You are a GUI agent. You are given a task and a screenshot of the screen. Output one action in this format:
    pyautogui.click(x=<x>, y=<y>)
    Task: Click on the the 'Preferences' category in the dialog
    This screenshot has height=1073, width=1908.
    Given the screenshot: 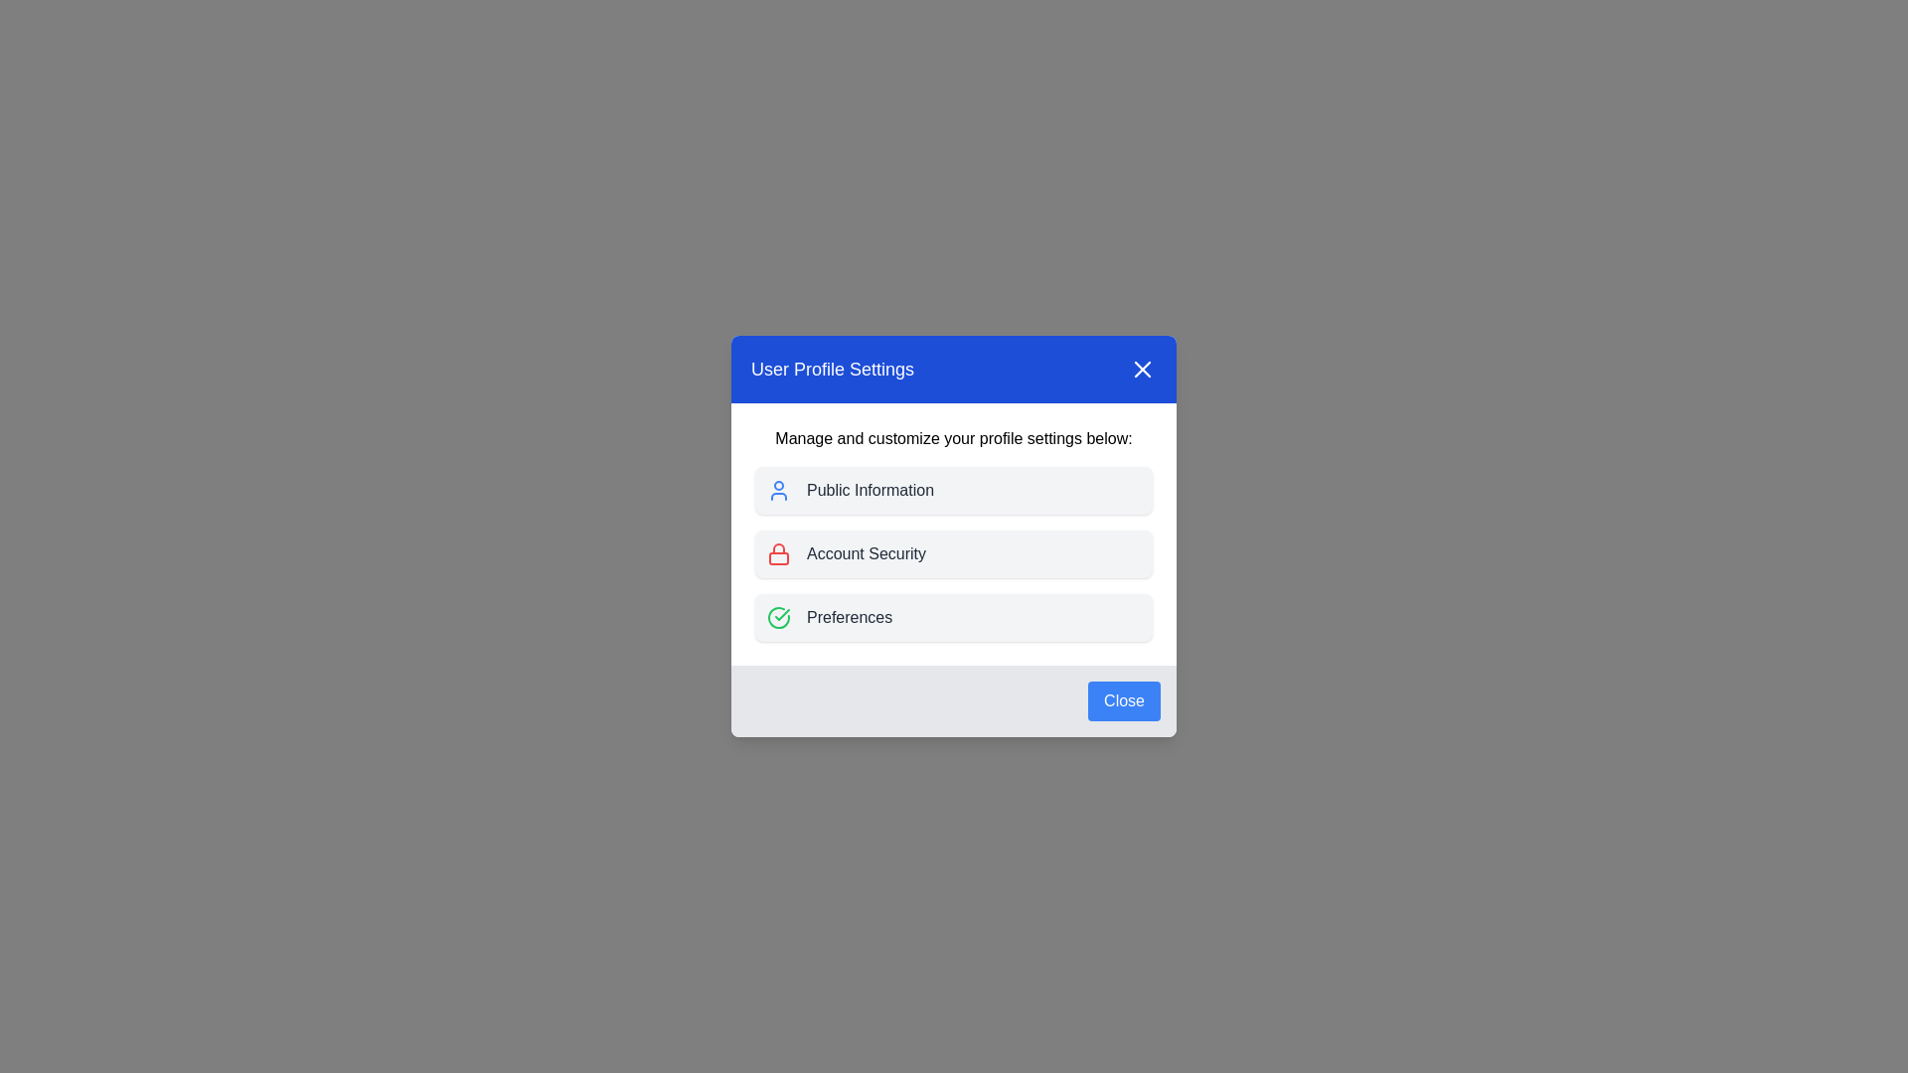 What is the action you would take?
    pyautogui.click(x=954, y=616)
    